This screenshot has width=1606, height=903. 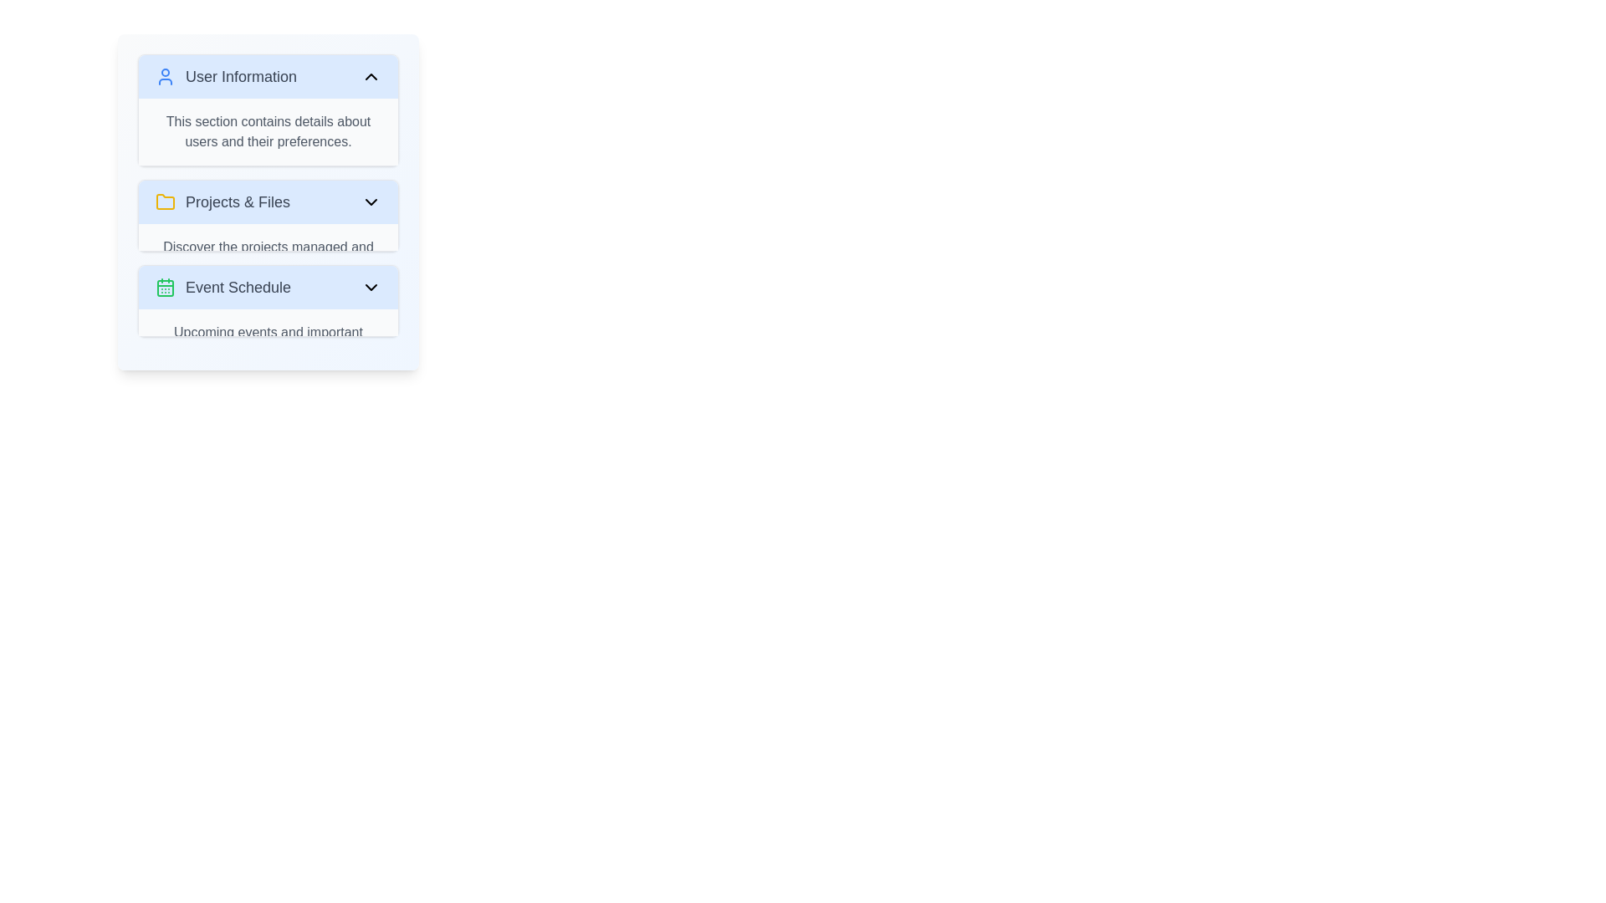 What do you see at coordinates (237, 202) in the screenshot?
I see `text content of the label that displays 'Projects & Files', which is styled with a medium-sized gray font and located next to a yellow folder icon in the sidebar` at bounding box center [237, 202].